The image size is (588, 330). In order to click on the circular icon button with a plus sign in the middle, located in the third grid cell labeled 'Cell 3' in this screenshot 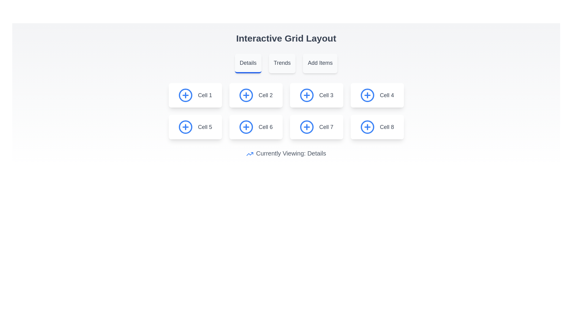, I will do `click(307, 95)`.